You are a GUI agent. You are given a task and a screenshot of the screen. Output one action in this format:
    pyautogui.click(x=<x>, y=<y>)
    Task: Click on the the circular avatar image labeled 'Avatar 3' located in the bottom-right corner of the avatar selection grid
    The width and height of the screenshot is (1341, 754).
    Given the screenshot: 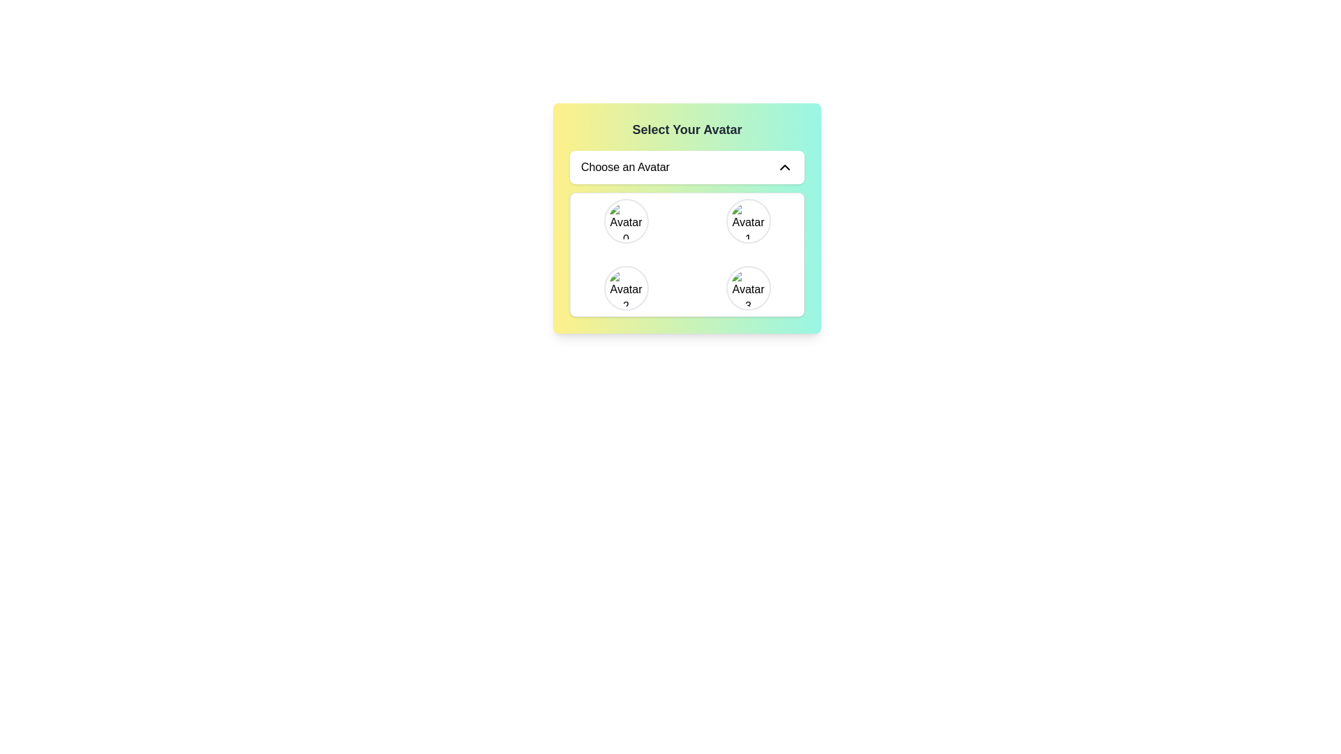 What is the action you would take?
    pyautogui.click(x=747, y=287)
    